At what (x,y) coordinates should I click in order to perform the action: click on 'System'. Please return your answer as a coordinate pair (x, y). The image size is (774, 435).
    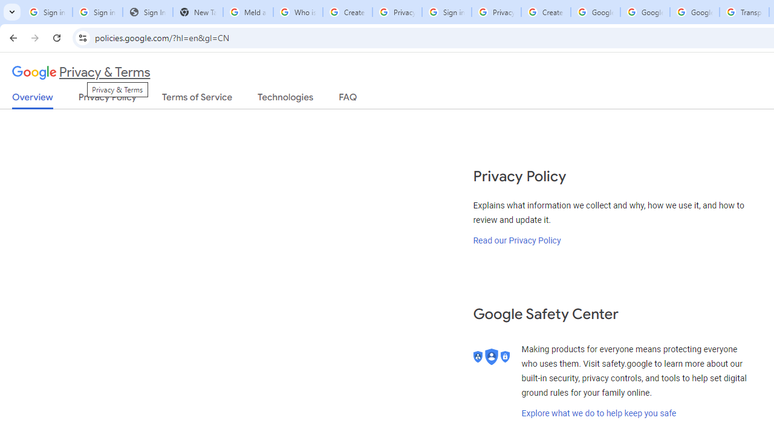
    Looking at the image, I should click on (6, 7).